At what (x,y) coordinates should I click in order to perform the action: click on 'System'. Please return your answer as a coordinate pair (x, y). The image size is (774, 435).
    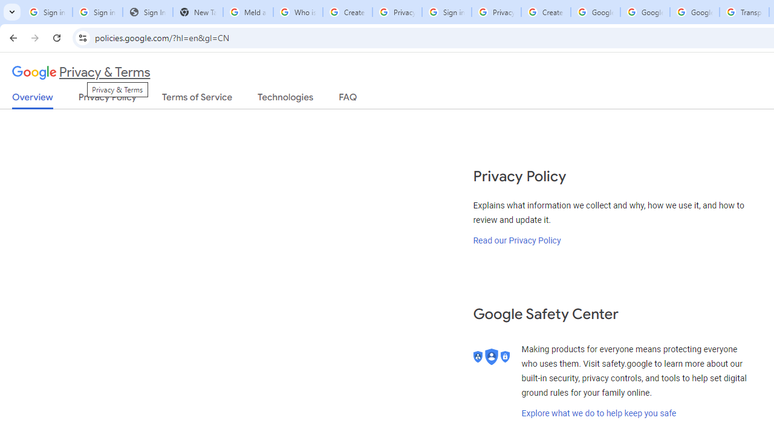
    Looking at the image, I should click on (6, 7).